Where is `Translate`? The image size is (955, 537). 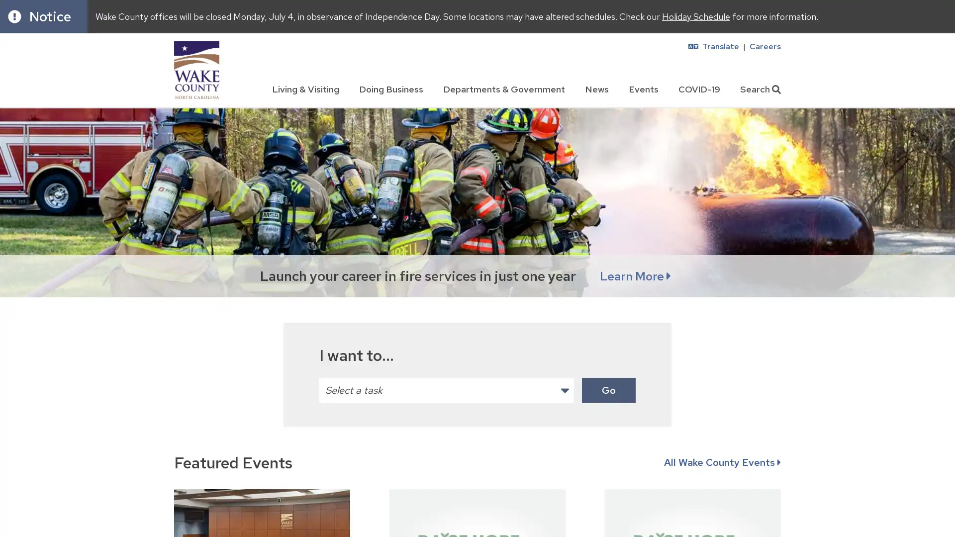
Translate is located at coordinates (713, 46).